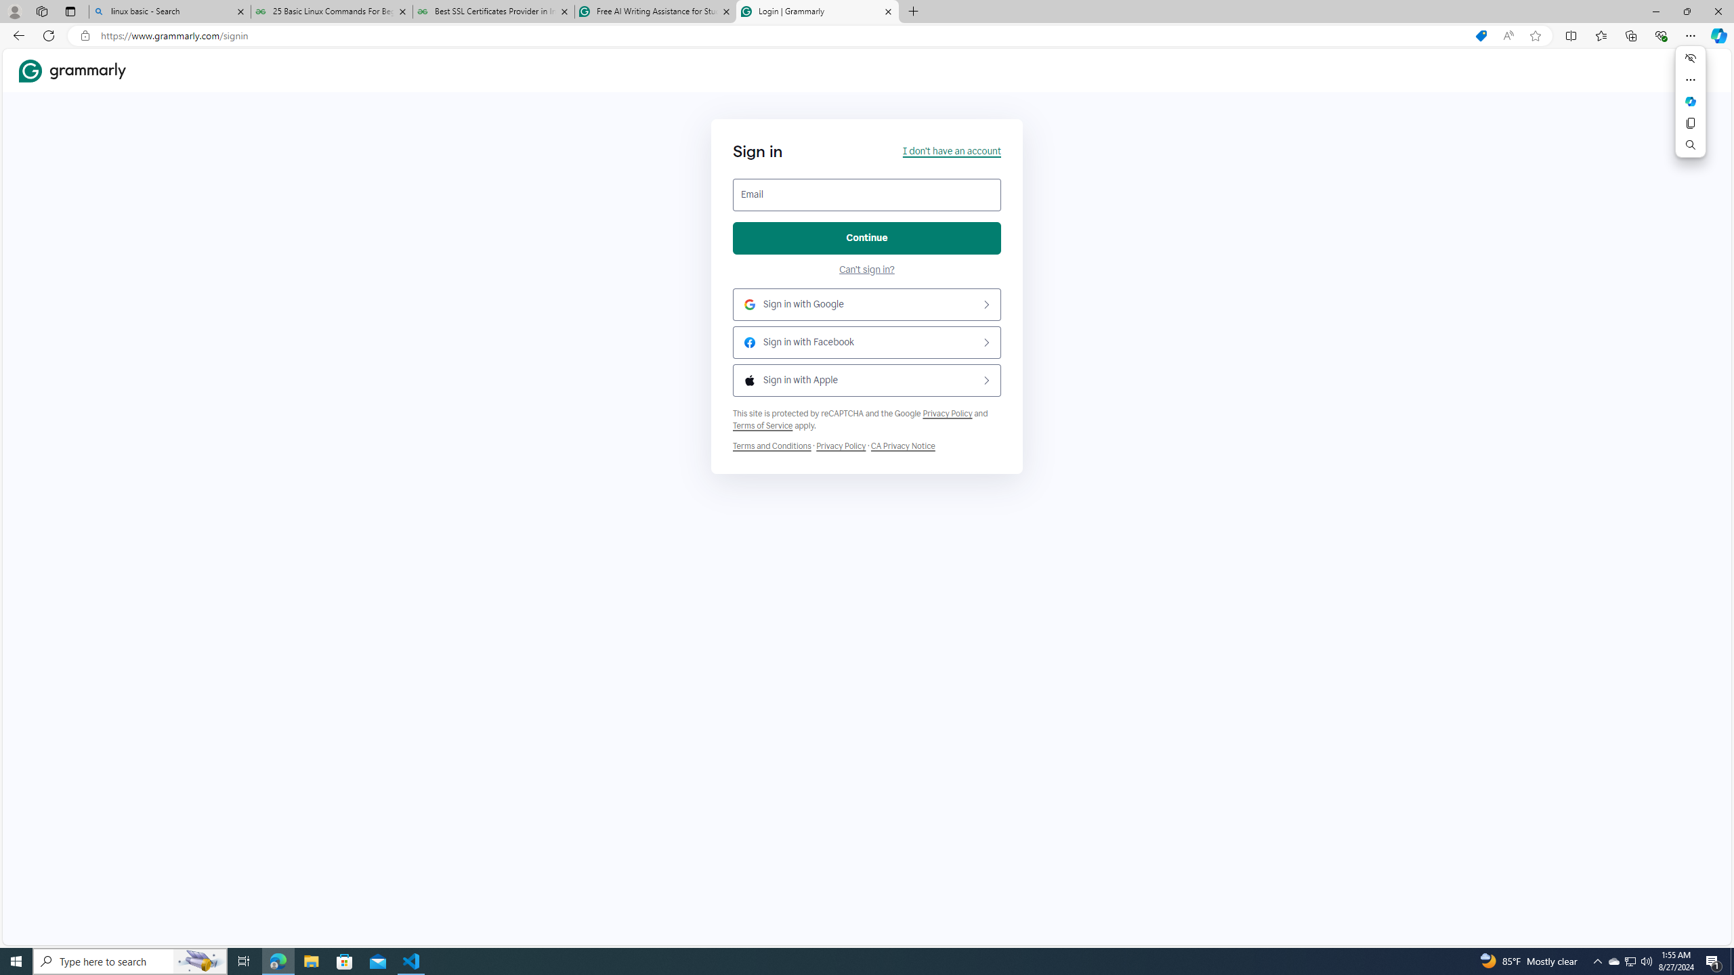  Describe the element at coordinates (867, 342) in the screenshot. I see `'Sign in with Facebook'` at that location.